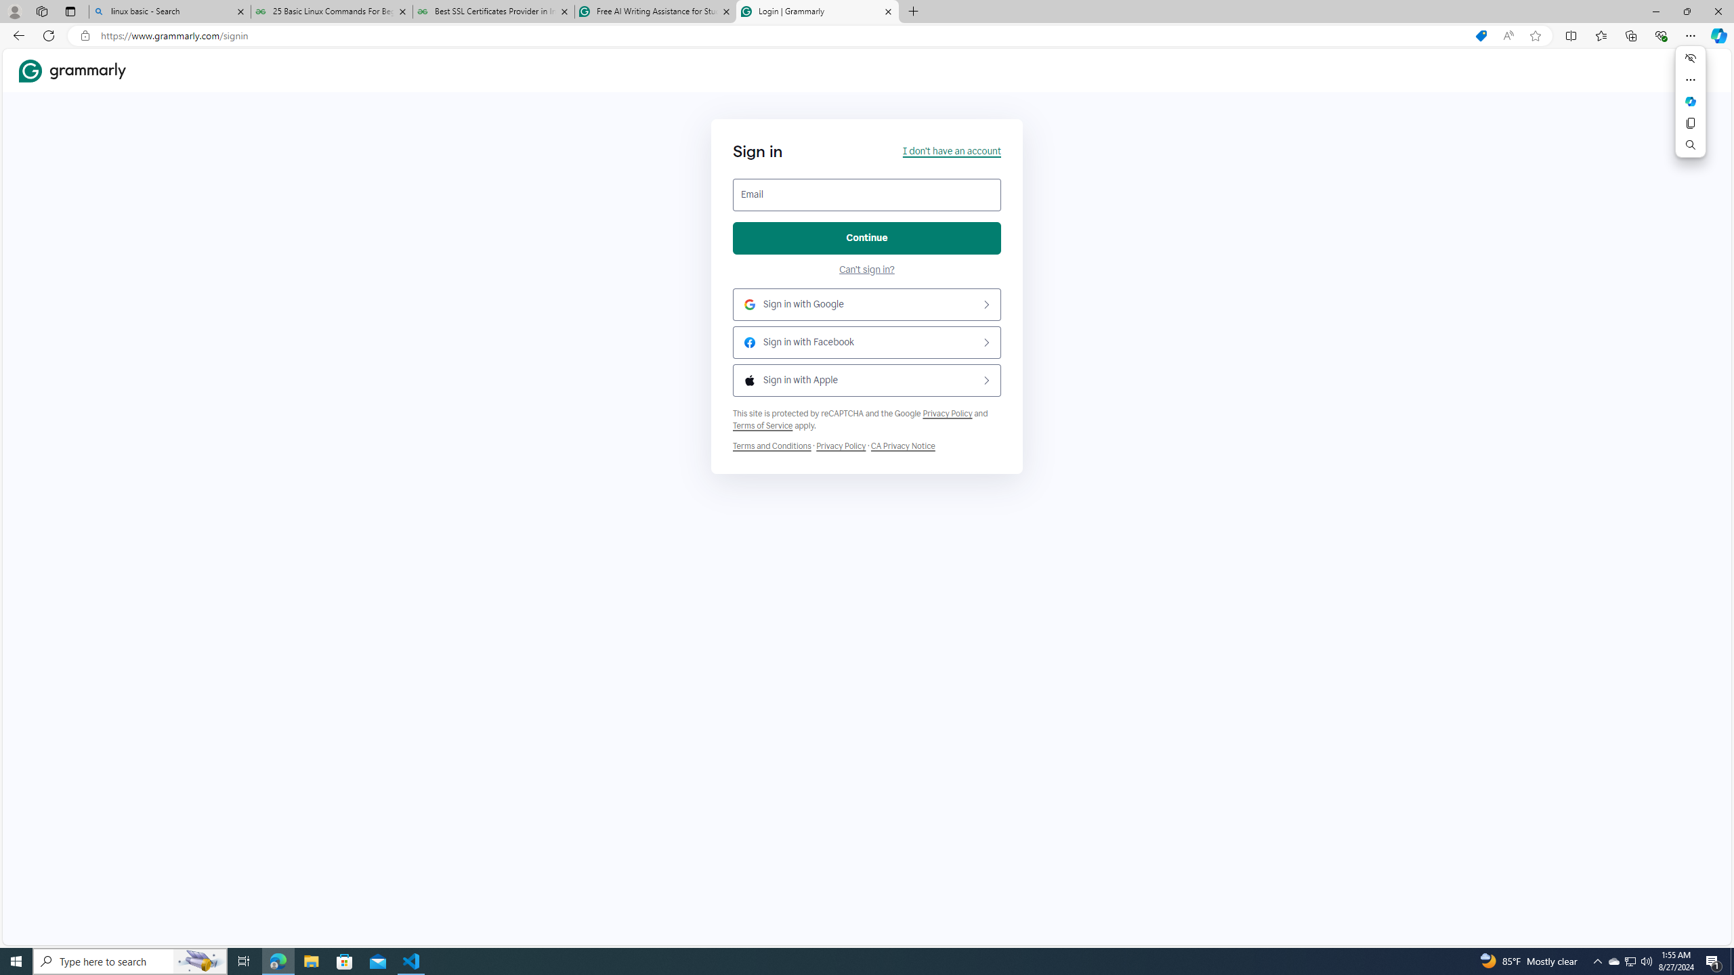  Describe the element at coordinates (867, 342) in the screenshot. I see `'Sign in with Facebook'` at that location.